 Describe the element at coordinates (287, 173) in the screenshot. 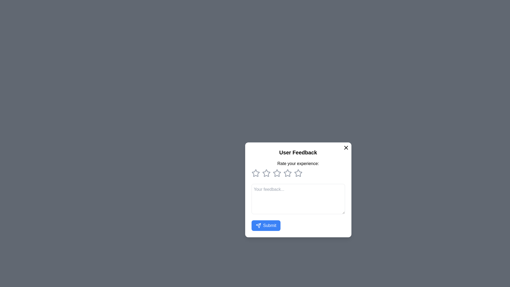

I see `the fourth star-shaped icon in light gray color under the 'Rate your experience:' heading` at that location.